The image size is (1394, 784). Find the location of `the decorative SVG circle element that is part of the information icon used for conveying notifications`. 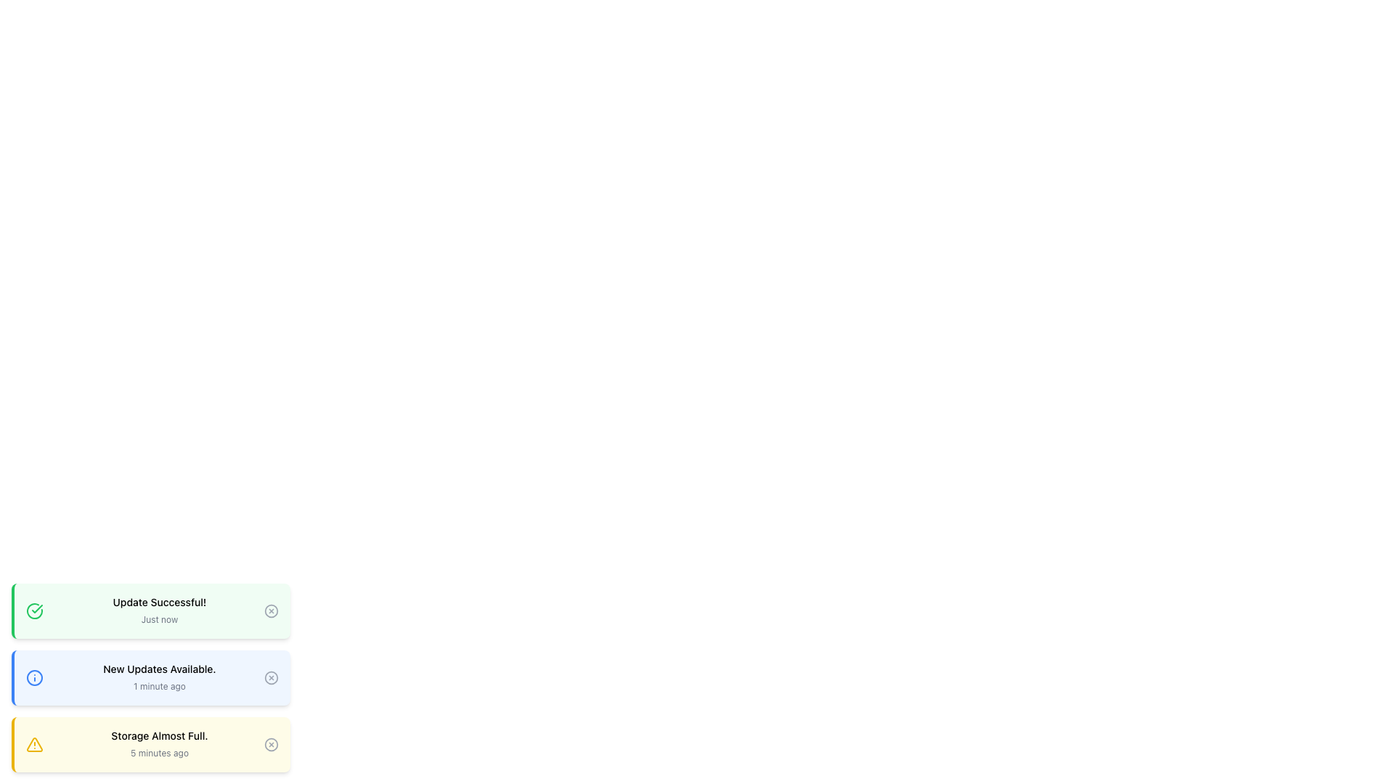

the decorative SVG circle element that is part of the information icon used for conveying notifications is located at coordinates (35, 677).